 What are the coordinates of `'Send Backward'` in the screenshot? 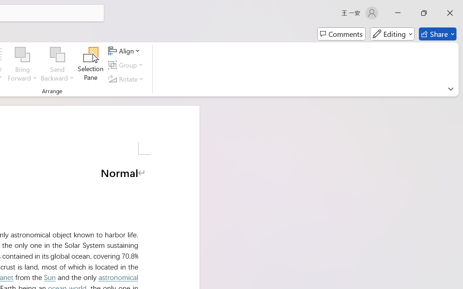 It's located at (57, 55).